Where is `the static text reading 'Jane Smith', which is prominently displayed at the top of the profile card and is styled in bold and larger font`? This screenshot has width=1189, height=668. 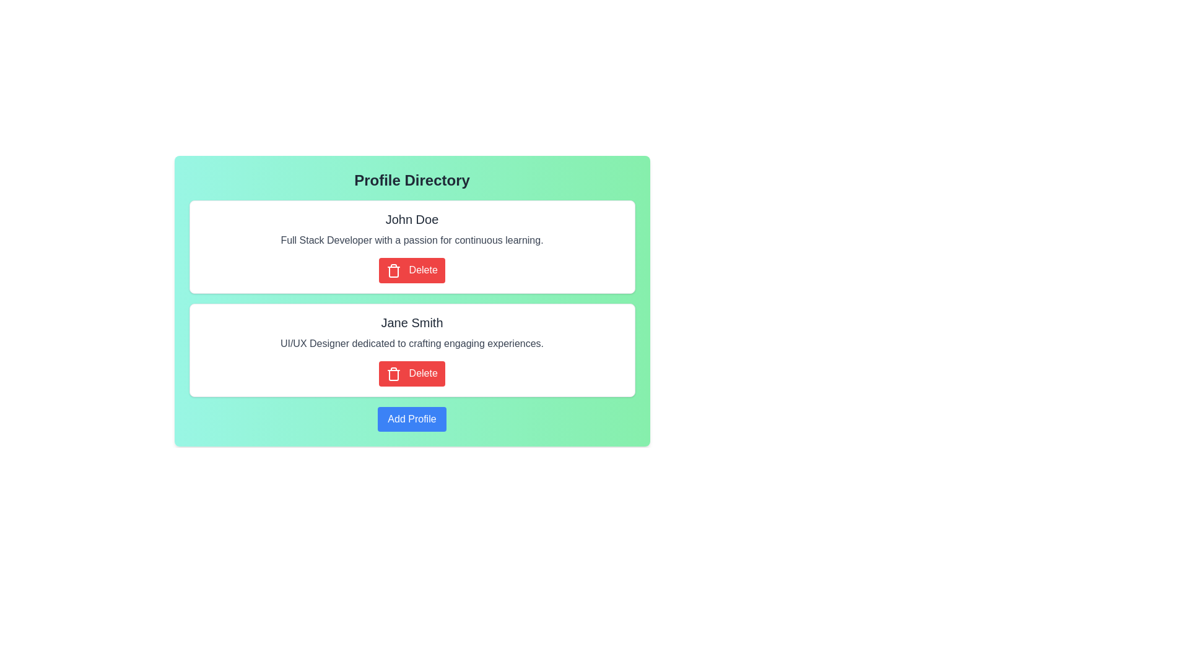 the static text reading 'Jane Smith', which is prominently displayed at the top of the profile card and is styled in bold and larger font is located at coordinates (412, 322).